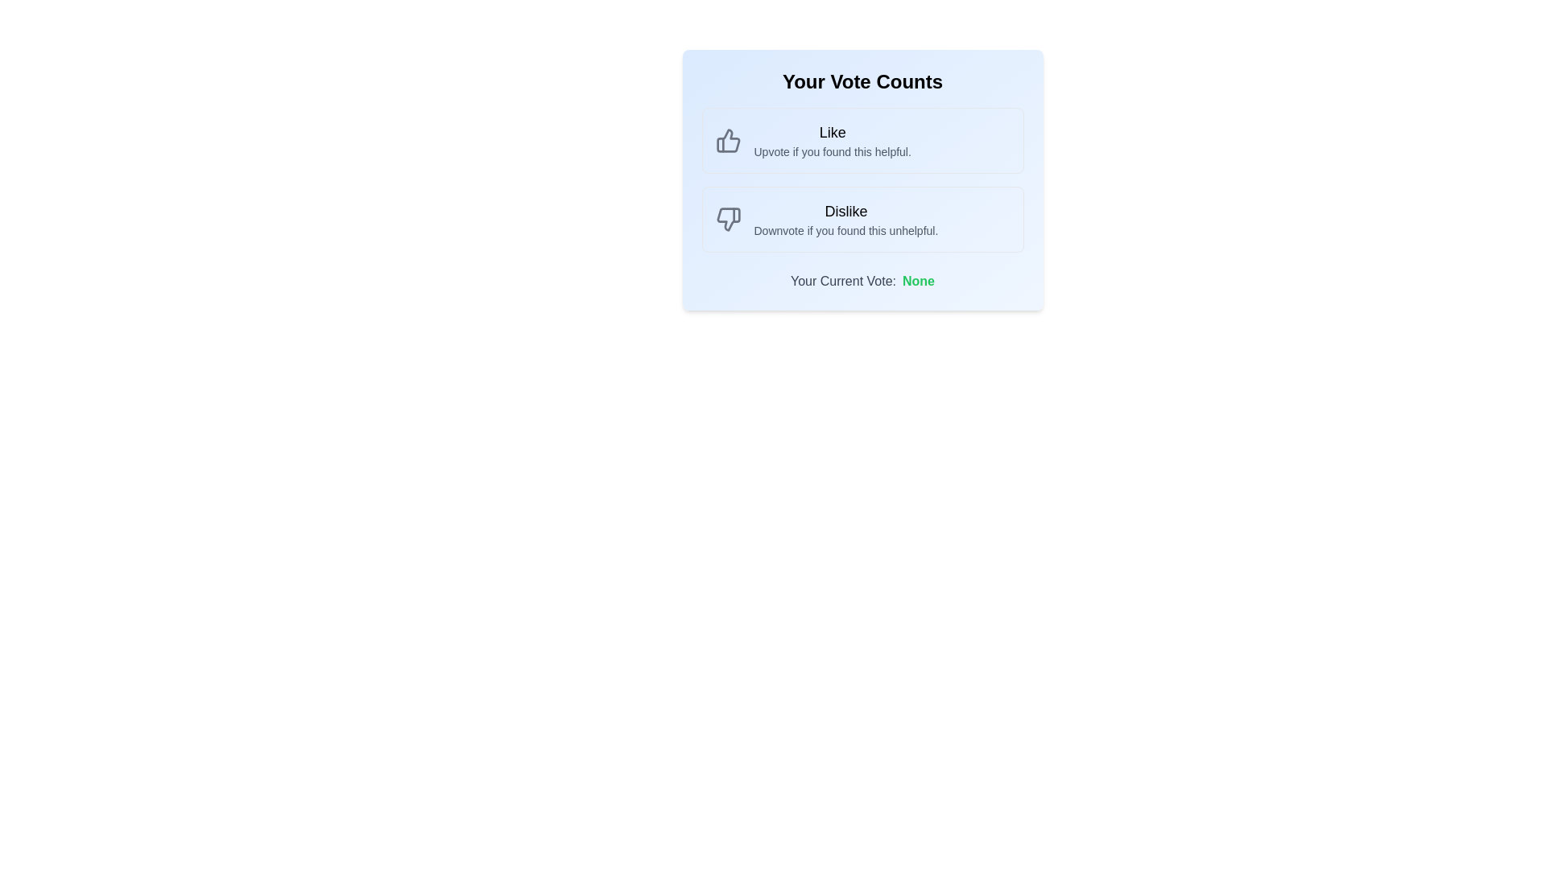 The width and height of the screenshot is (1546, 869). Describe the element at coordinates (833, 139) in the screenshot. I see `the informational Text Label that provides a title and explanation for the thumbs-up icon, located within the bordered card titled 'Your Vote Counts'` at that location.